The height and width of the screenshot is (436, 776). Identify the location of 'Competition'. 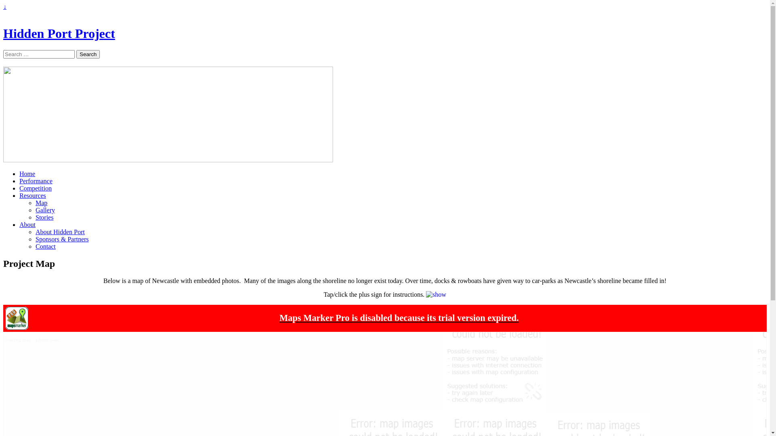
(35, 188).